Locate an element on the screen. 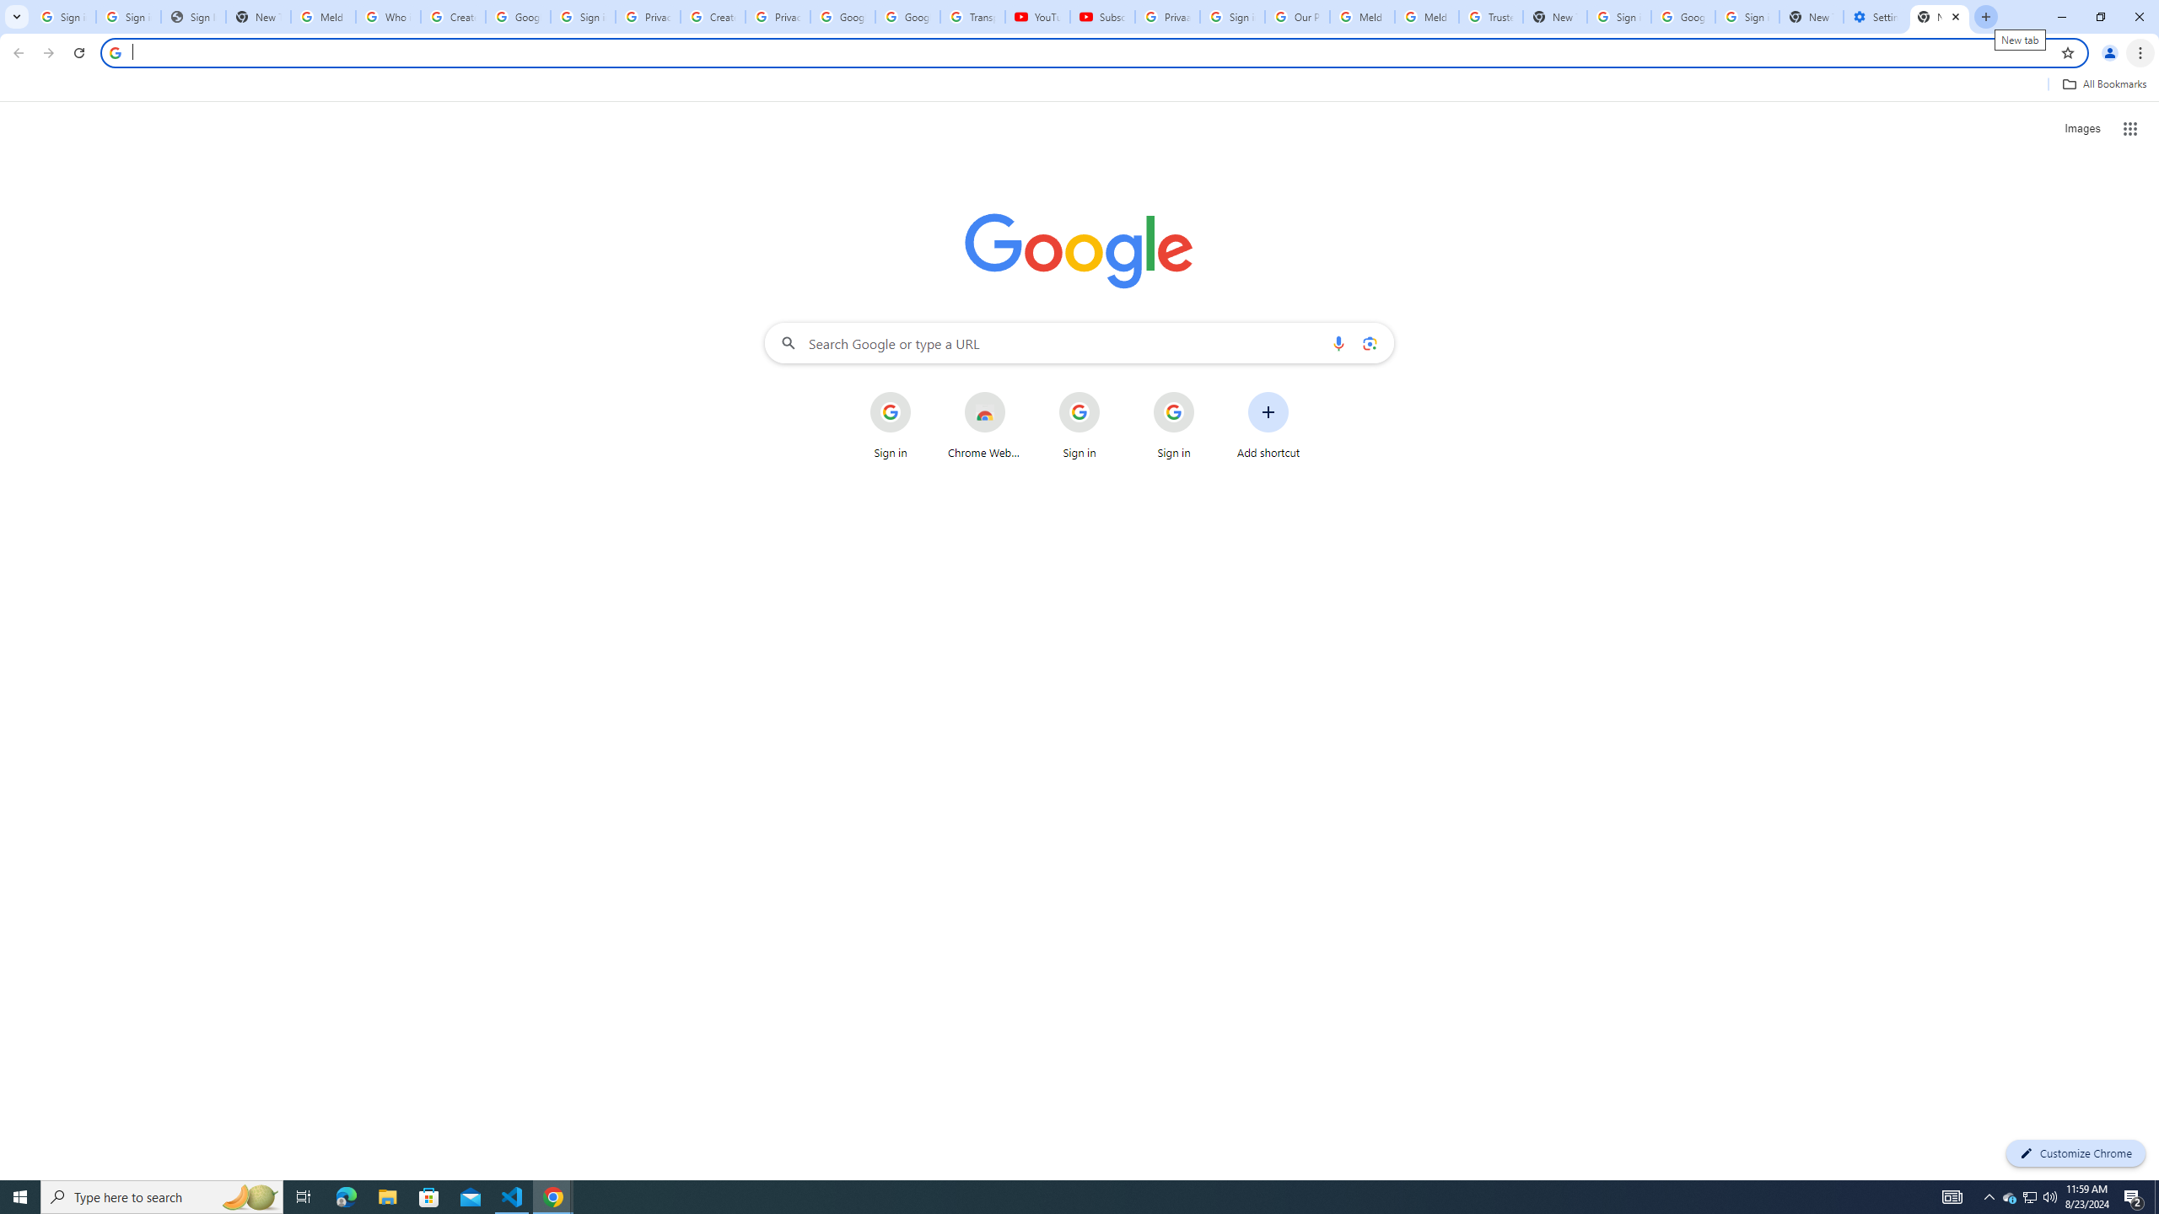 The height and width of the screenshot is (1214, 2159). 'YouTube' is located at coordinates (1037, 16).